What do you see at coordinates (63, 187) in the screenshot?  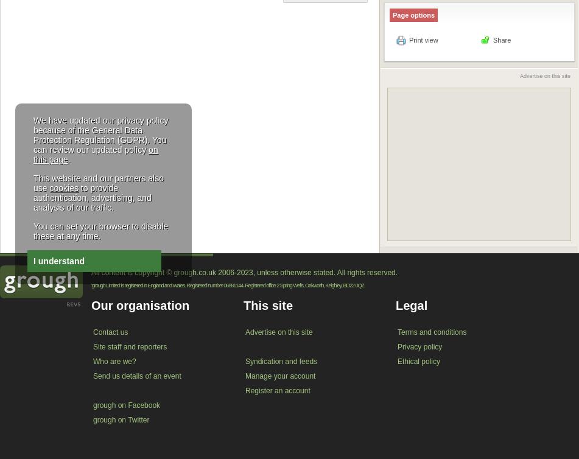 I see `'cookies'` at bounding box center [63, 187].